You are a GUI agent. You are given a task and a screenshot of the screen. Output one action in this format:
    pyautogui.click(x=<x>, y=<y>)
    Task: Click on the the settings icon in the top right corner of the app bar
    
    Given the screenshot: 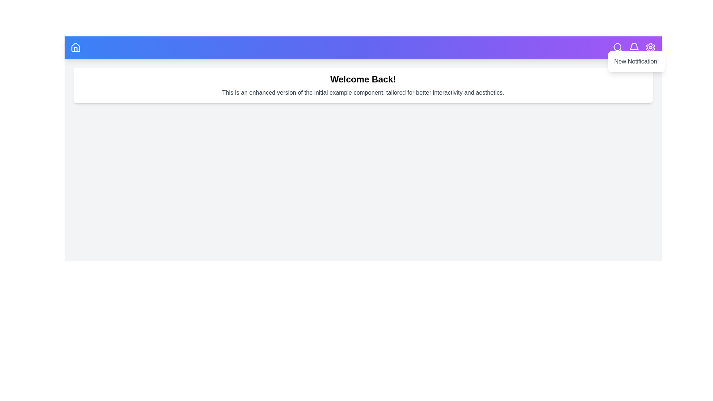 What is the action you would take?
    pyautogui.click(x=650, y=47)
    